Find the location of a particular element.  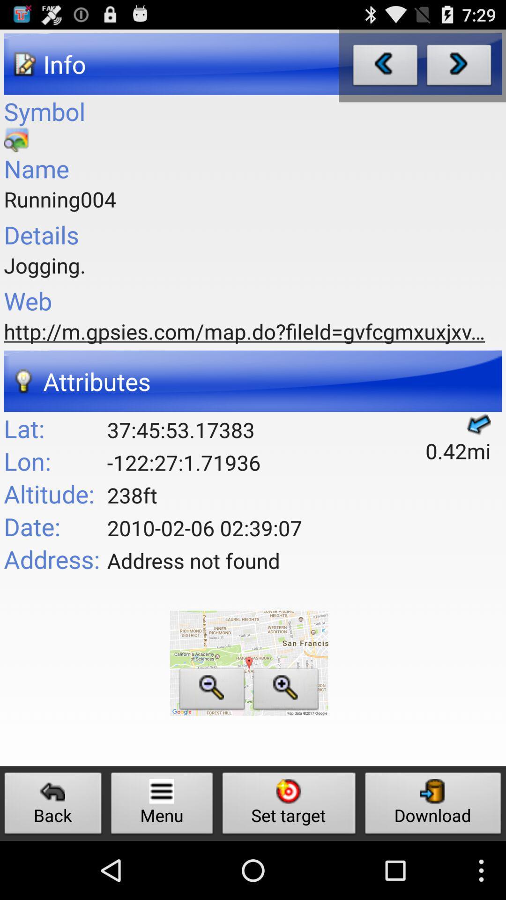

the back icon is located at coordinates (53, 805).